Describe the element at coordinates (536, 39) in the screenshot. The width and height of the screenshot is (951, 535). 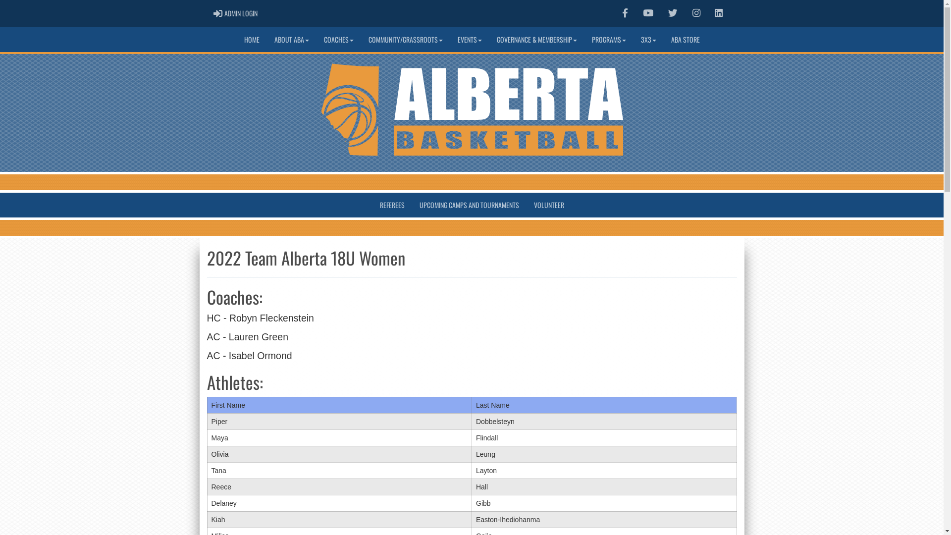
I see `'GOVERNANCE & MEMBERSHIP'` at that location.